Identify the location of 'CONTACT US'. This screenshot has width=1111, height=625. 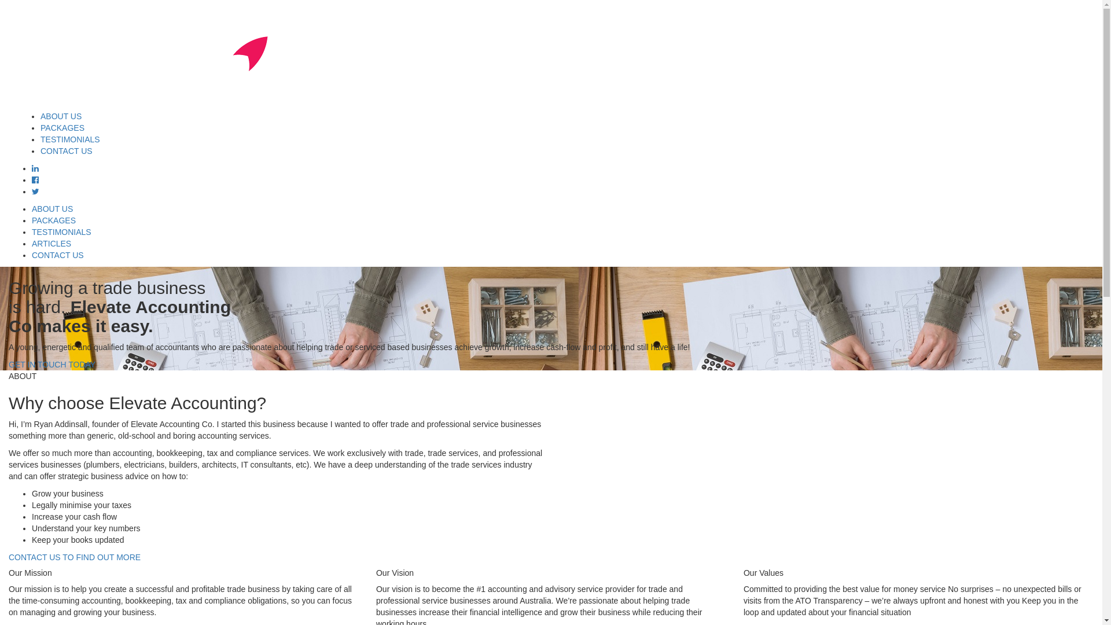
(66, 150).